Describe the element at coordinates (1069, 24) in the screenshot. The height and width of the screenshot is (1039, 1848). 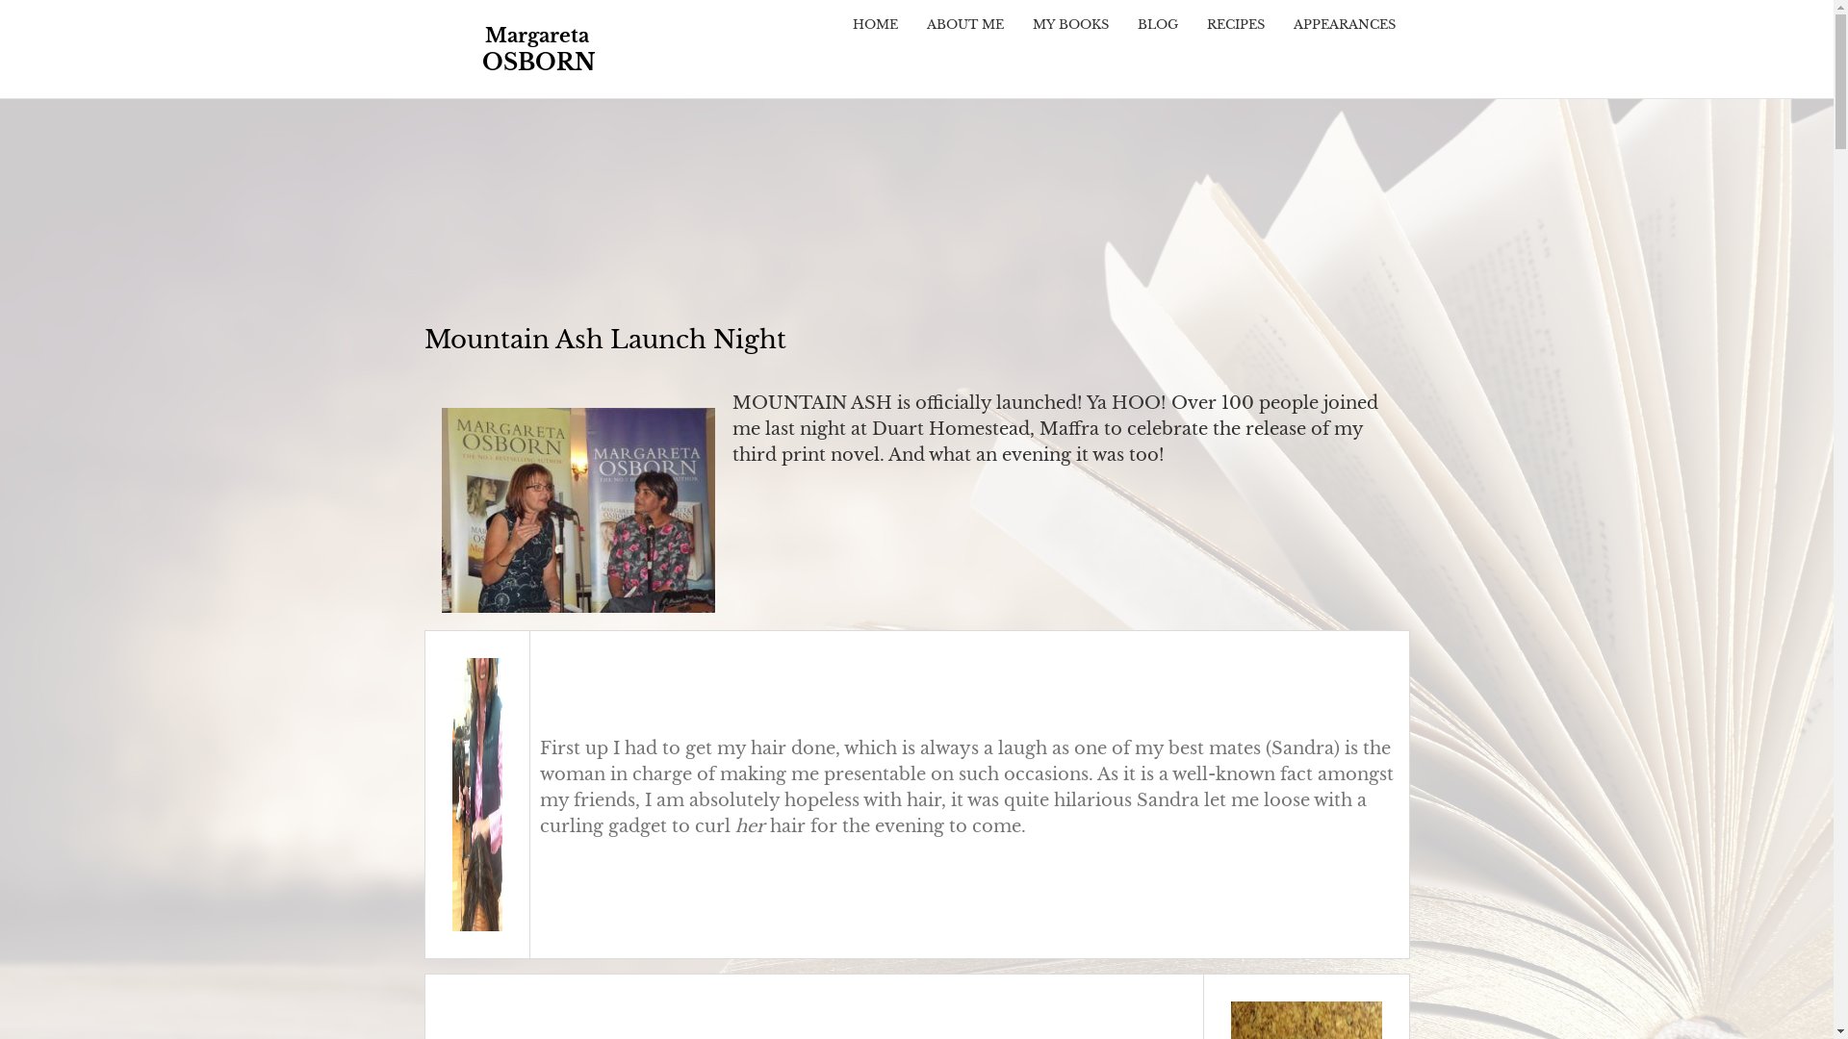
I see `'MY BOOKS'` at that location.